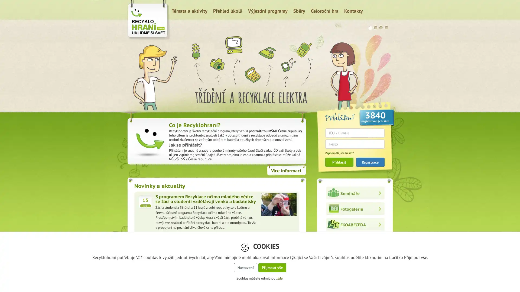  What do you see at coordinates (339, 161) in the screenshot?
I see `Prihlasit` at bounding box center [339, 161].